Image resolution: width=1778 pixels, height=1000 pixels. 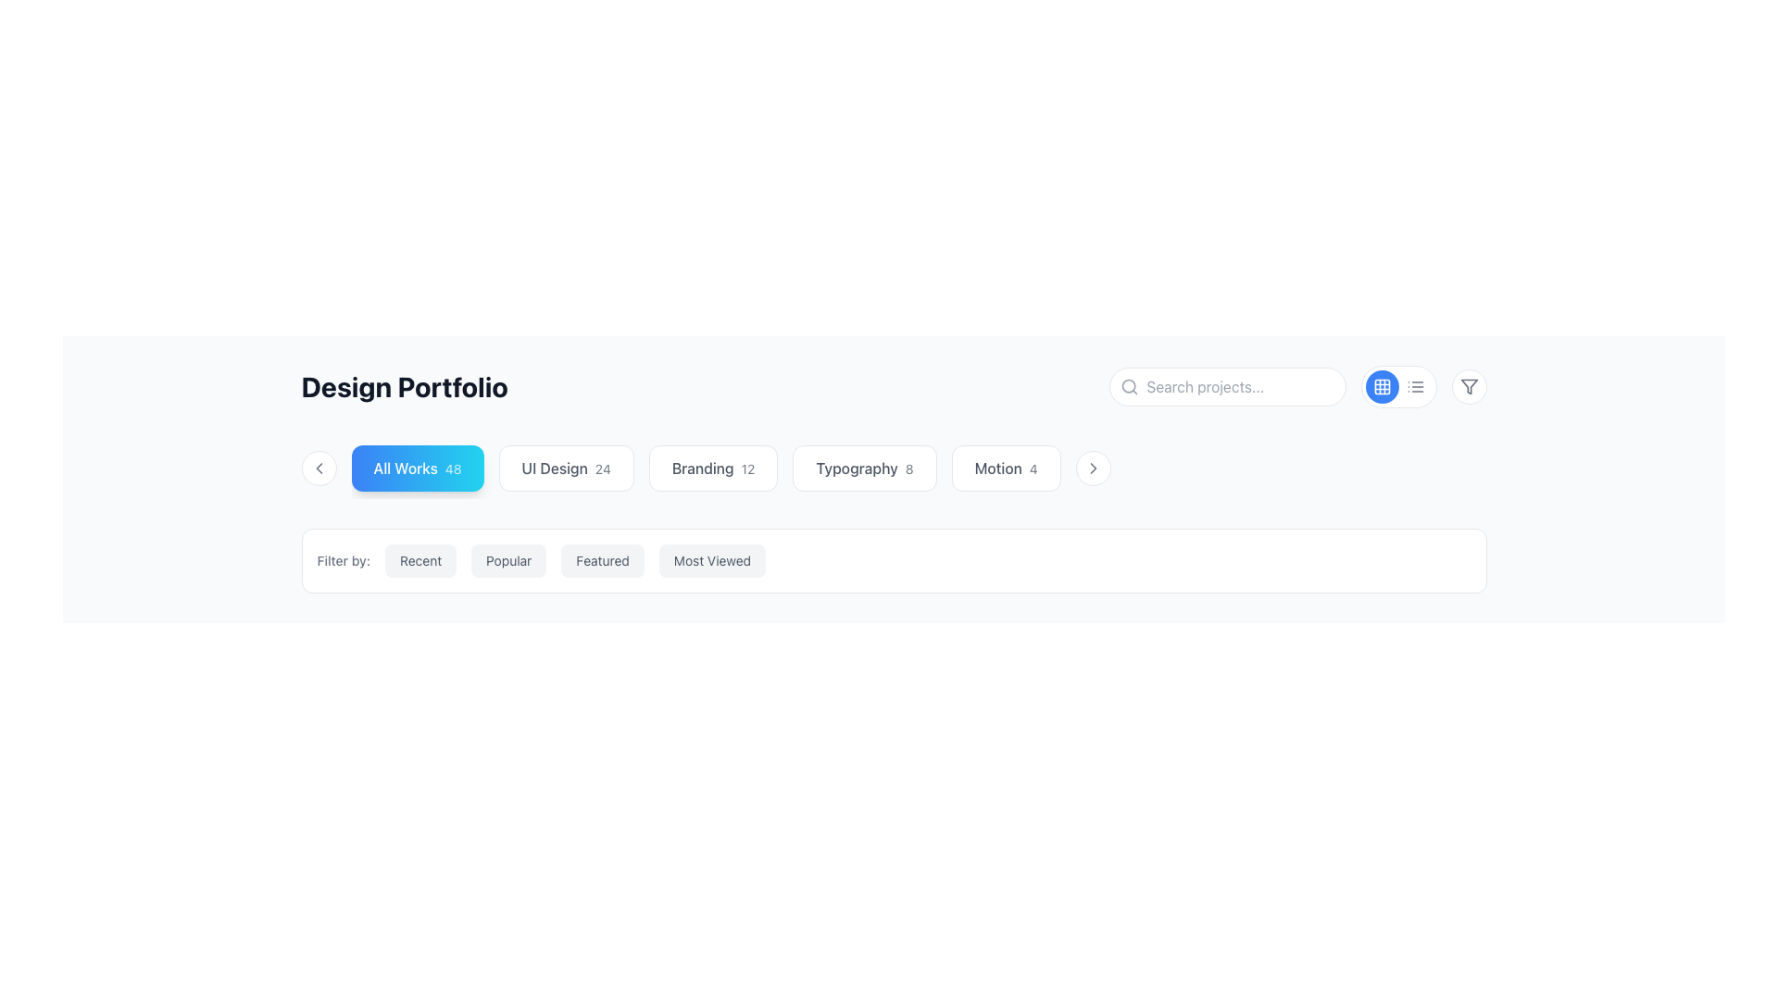 I want to click on the text element that reads 'Design Portfolio', which is bold and dark, located at the top-left section of the header area, so click(x=404, y=385).